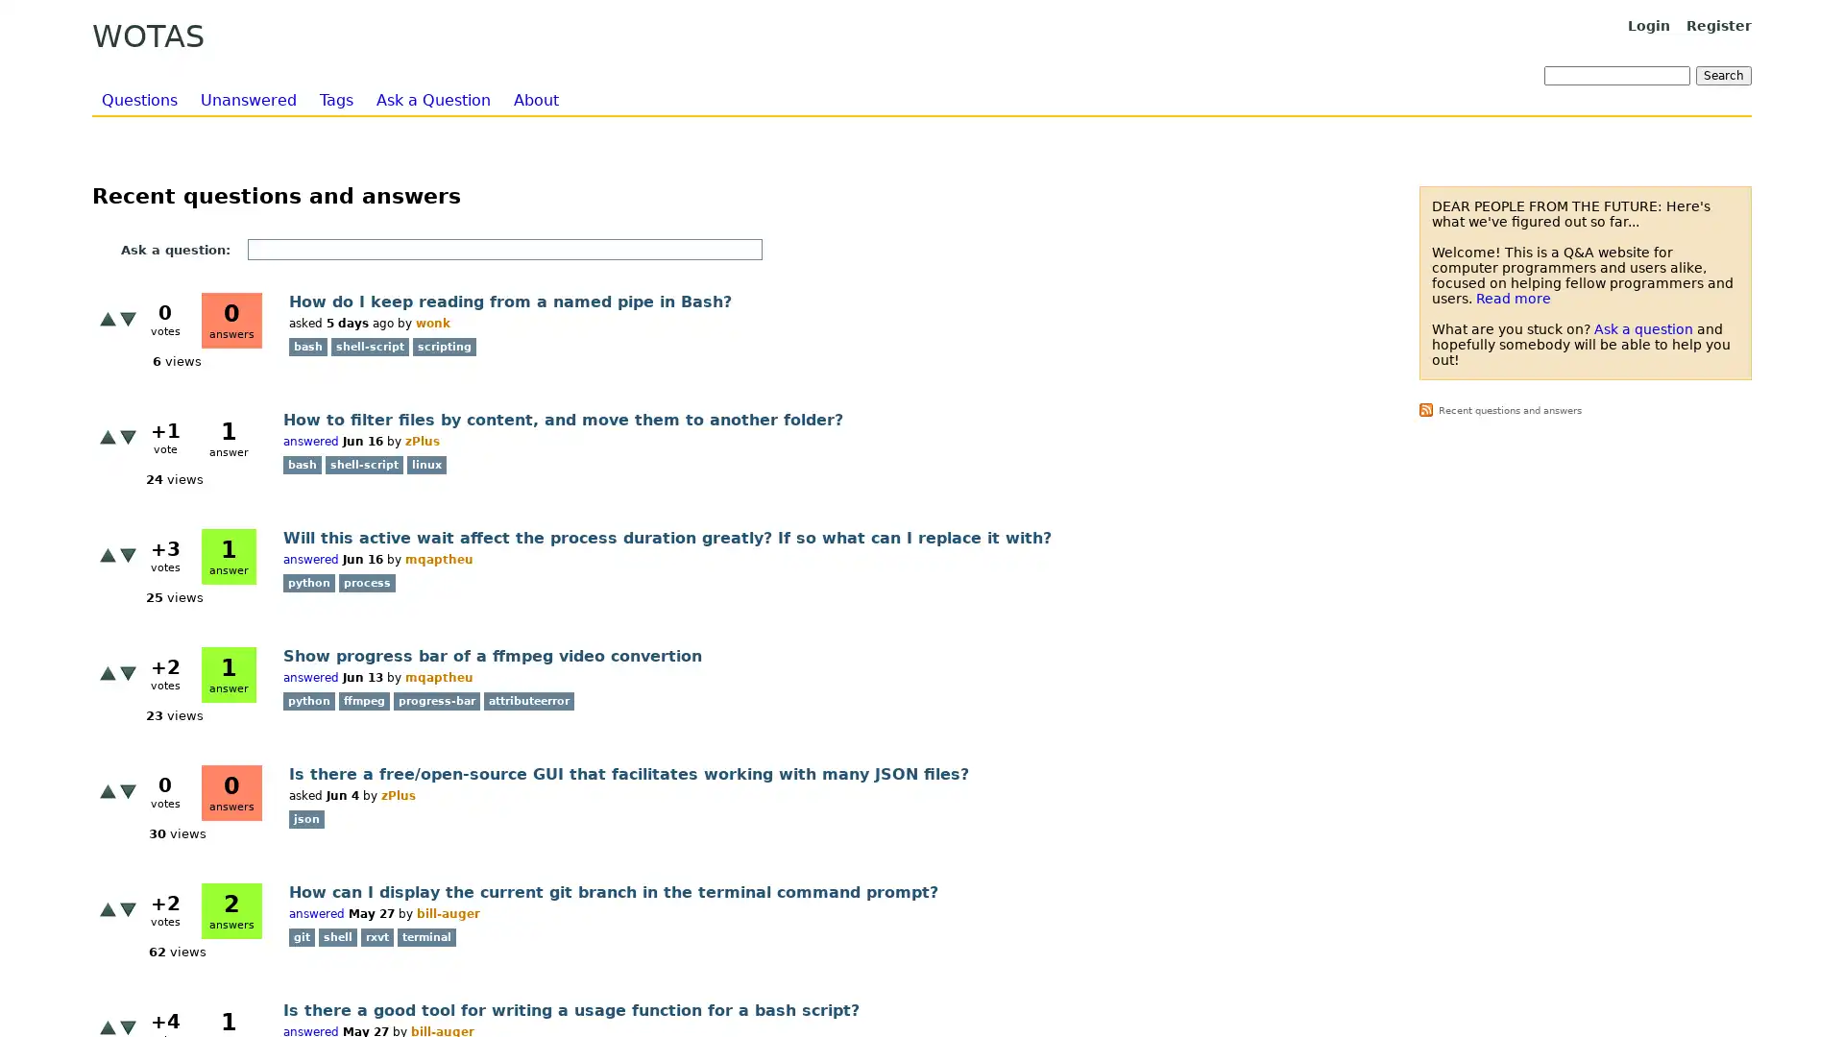 Image resolution: width=1844 pixels, height=1037 pixels. What do you see at coordinates (1724, 74) in the screenshot?
I see `Search` at bounding box center [1724, 74].